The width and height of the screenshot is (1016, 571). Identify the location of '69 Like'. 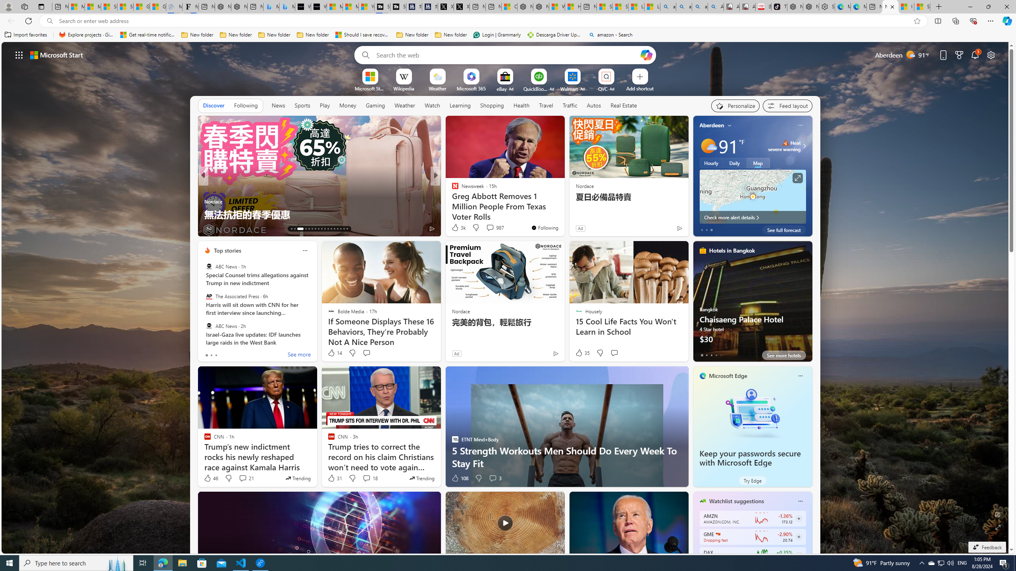
(455, 228).